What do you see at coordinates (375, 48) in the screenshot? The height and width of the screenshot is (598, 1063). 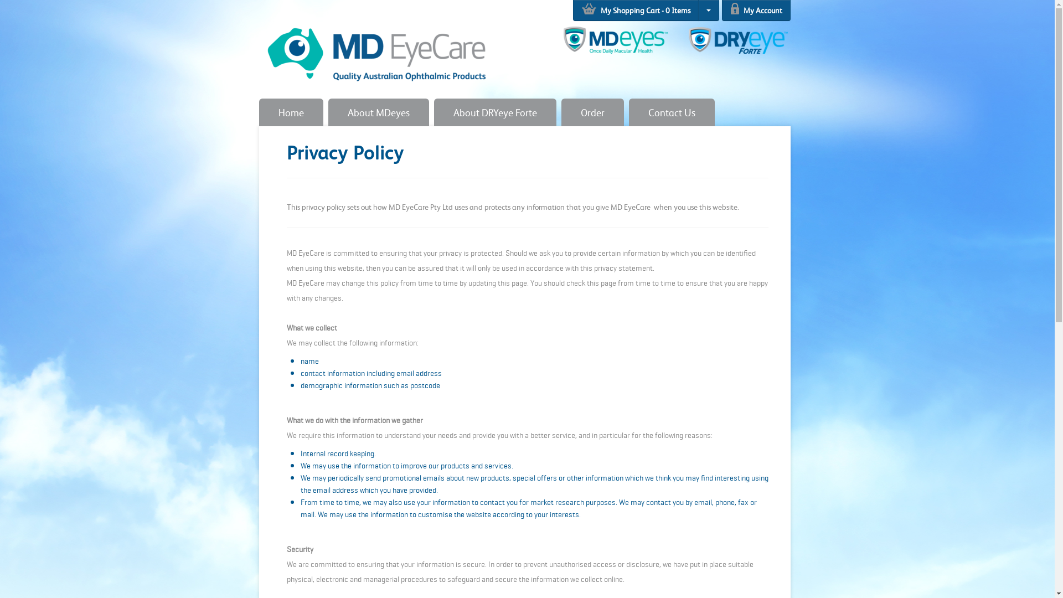 I see `'MD EyeCare'` at bounding box center [375, 48].